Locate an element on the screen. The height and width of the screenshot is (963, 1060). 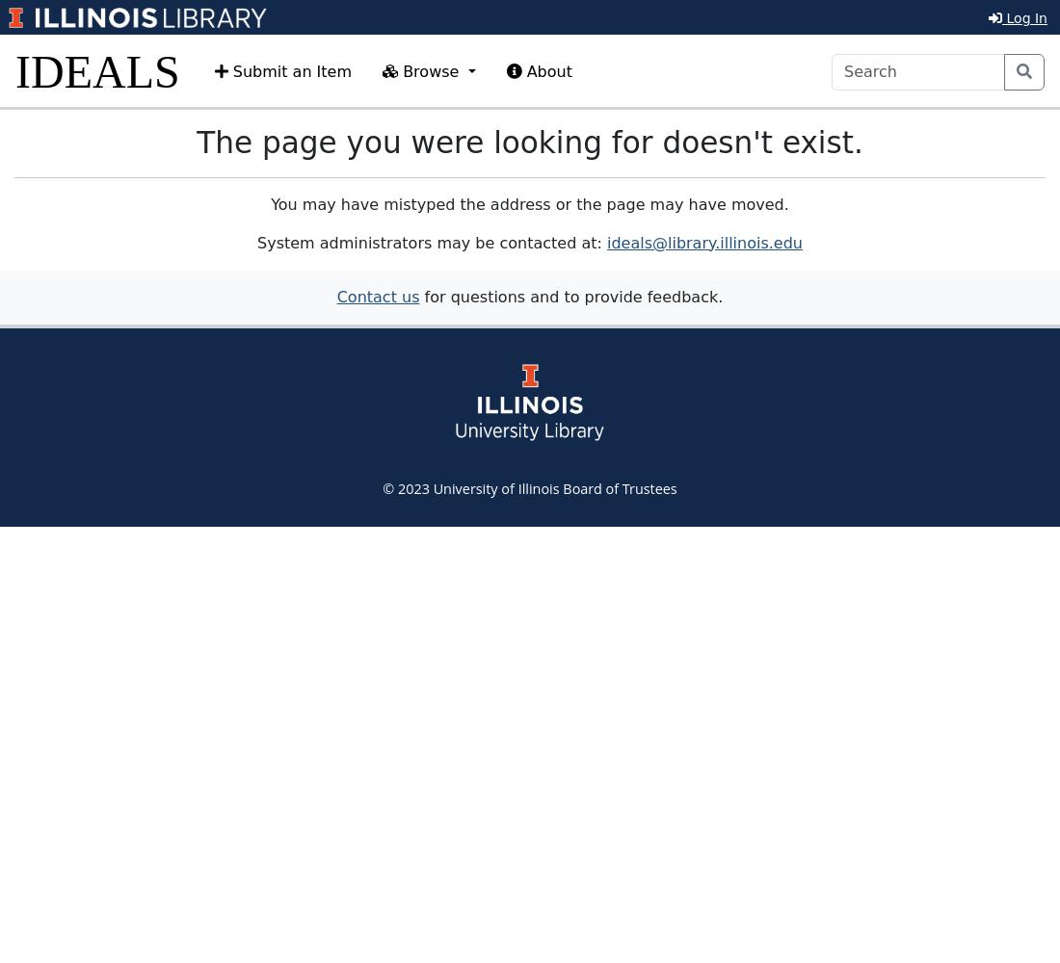
'Log In' is located at coordinates (1024, 18).